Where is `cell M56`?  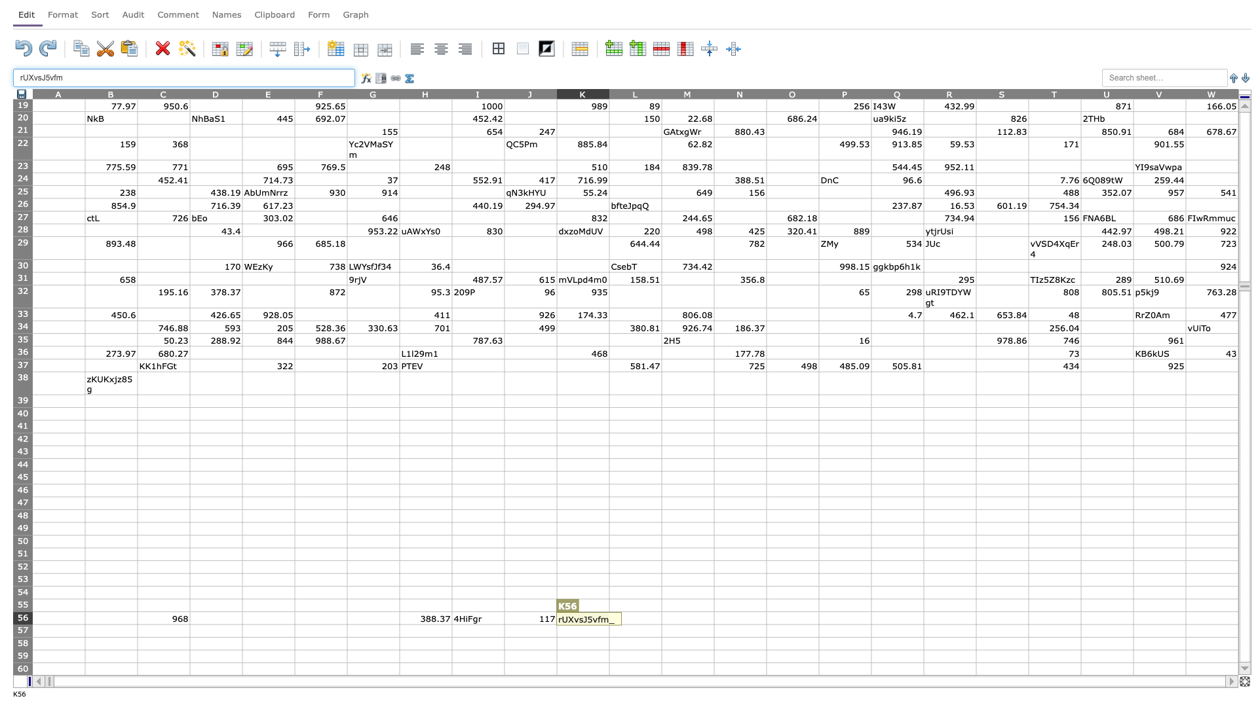
cell M56 is located at coordinates (687, 618).